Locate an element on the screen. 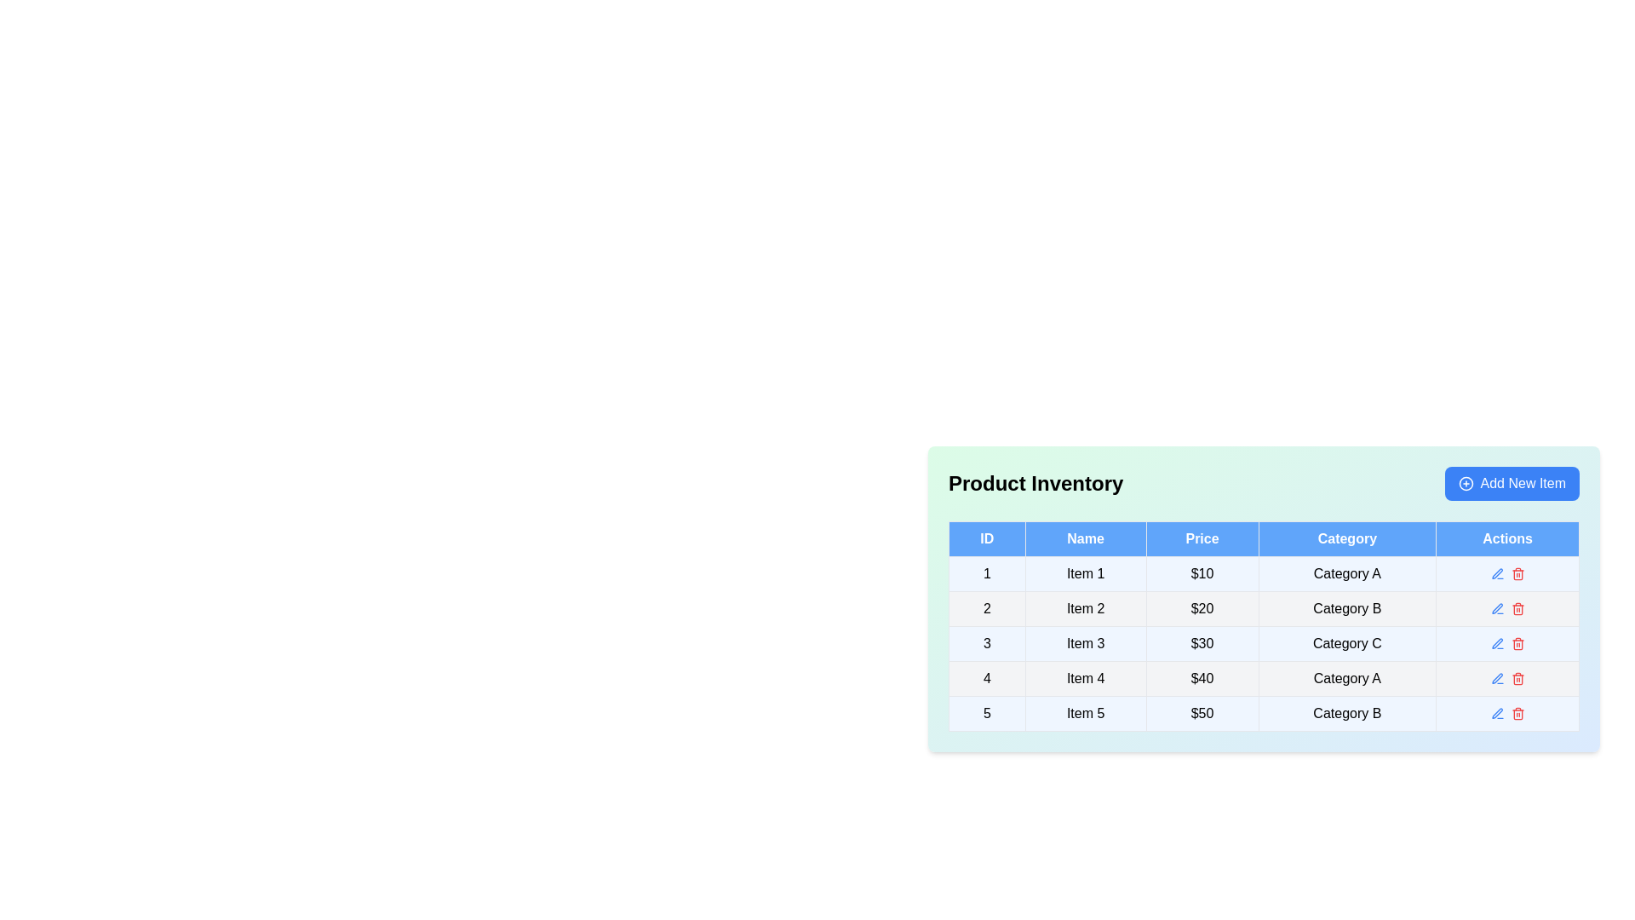 This screenshot has width=1635, height=920. the table cell in the fourth row under the 'Name' column that displays the item name in the inventory table is located at coordinates (1085, 678).